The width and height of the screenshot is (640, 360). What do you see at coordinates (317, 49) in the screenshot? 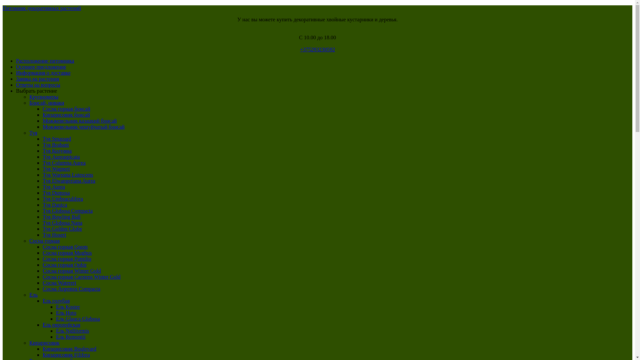
I see `'+375293230592'` at bounding box center [317, 49].